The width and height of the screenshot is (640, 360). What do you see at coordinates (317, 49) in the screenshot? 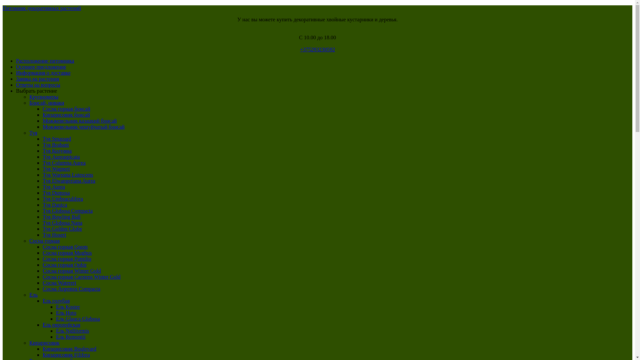
I see `'+375293230592'` at bounding box center [317, 49].